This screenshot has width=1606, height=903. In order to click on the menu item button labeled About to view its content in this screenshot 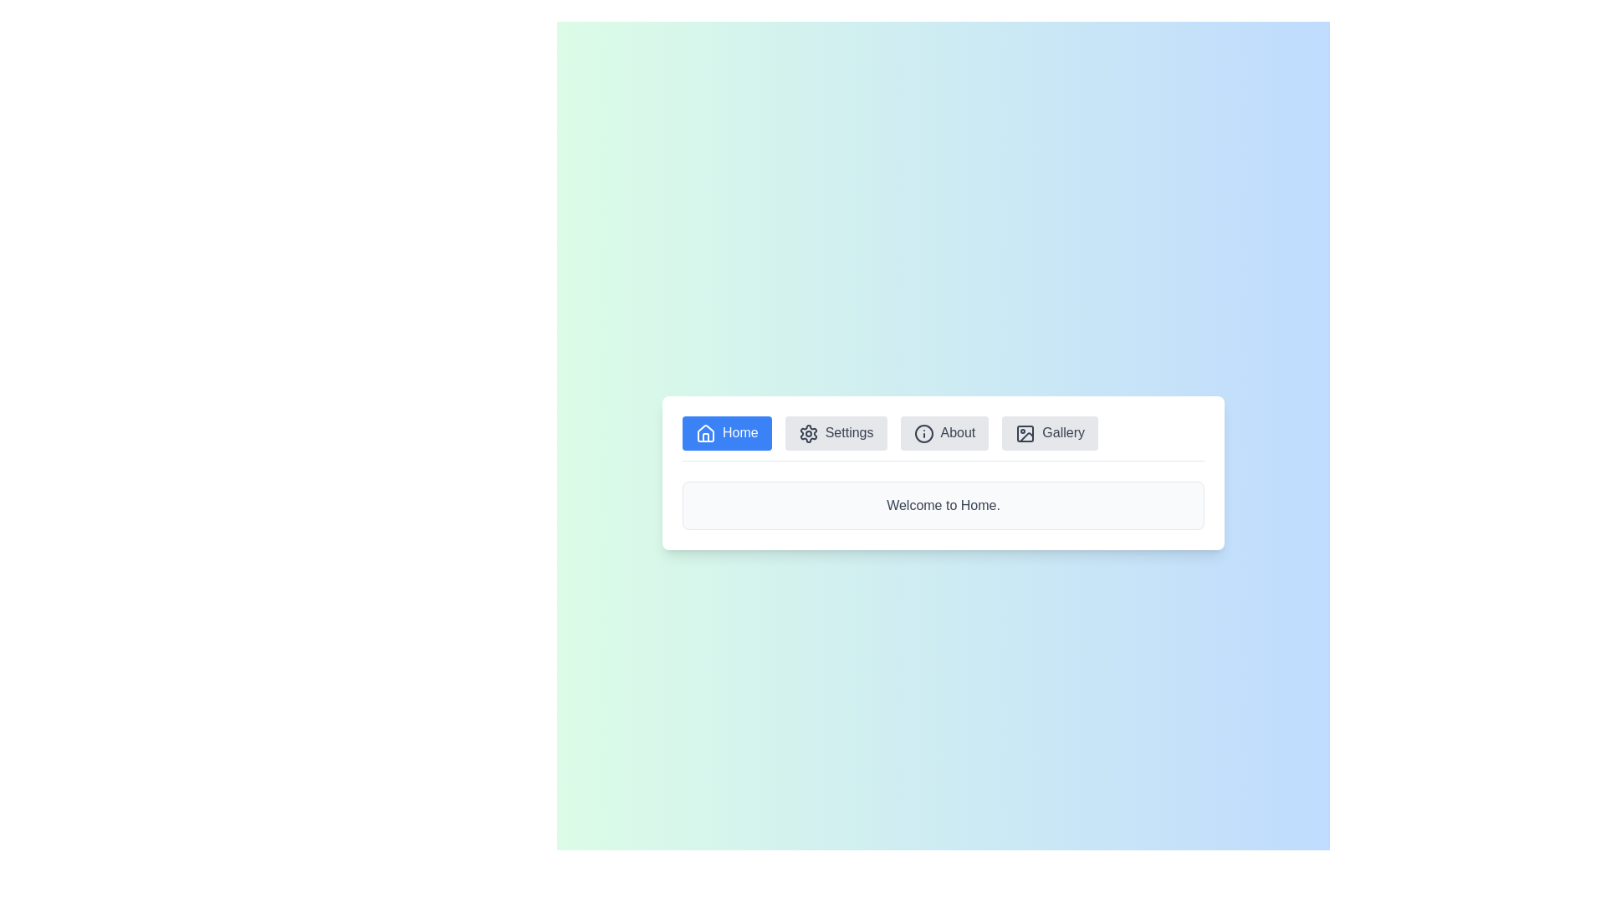, I will do `click(944, 432)`.